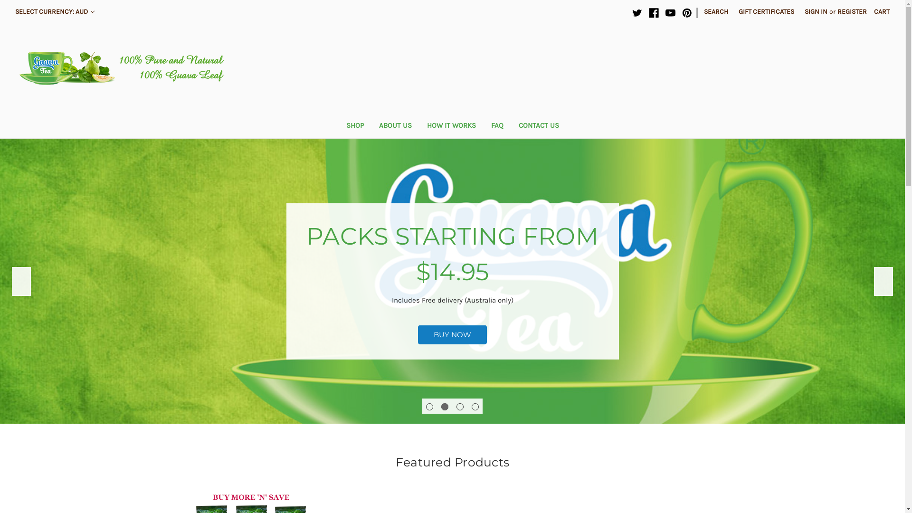 This screenshot has width=912, height=513. What do you see at coordinates (450, 126) in the screenshot?
I see `'HOW IT WORKS'` at bounding box center [450, 126].